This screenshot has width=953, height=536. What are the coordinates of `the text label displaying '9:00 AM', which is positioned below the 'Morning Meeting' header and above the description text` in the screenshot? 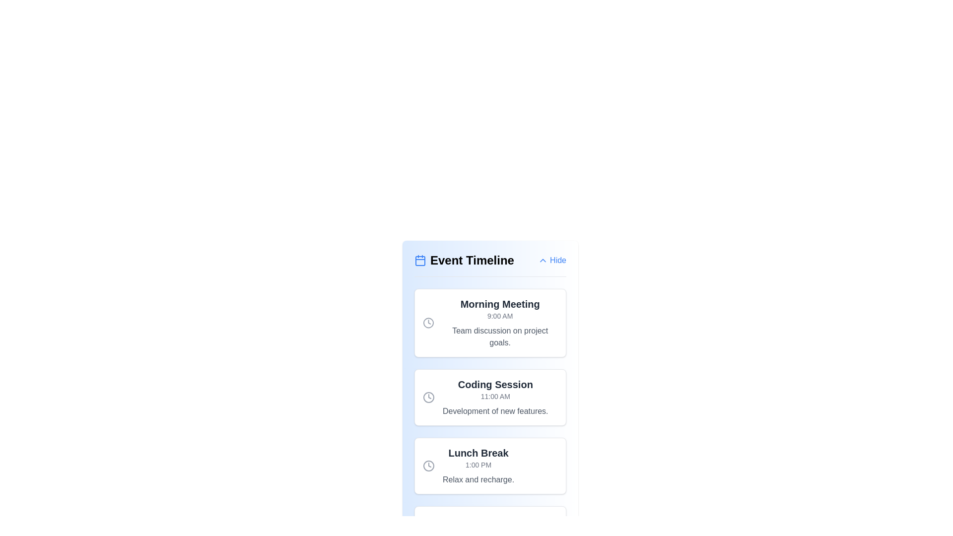 It's located at (500, 316).